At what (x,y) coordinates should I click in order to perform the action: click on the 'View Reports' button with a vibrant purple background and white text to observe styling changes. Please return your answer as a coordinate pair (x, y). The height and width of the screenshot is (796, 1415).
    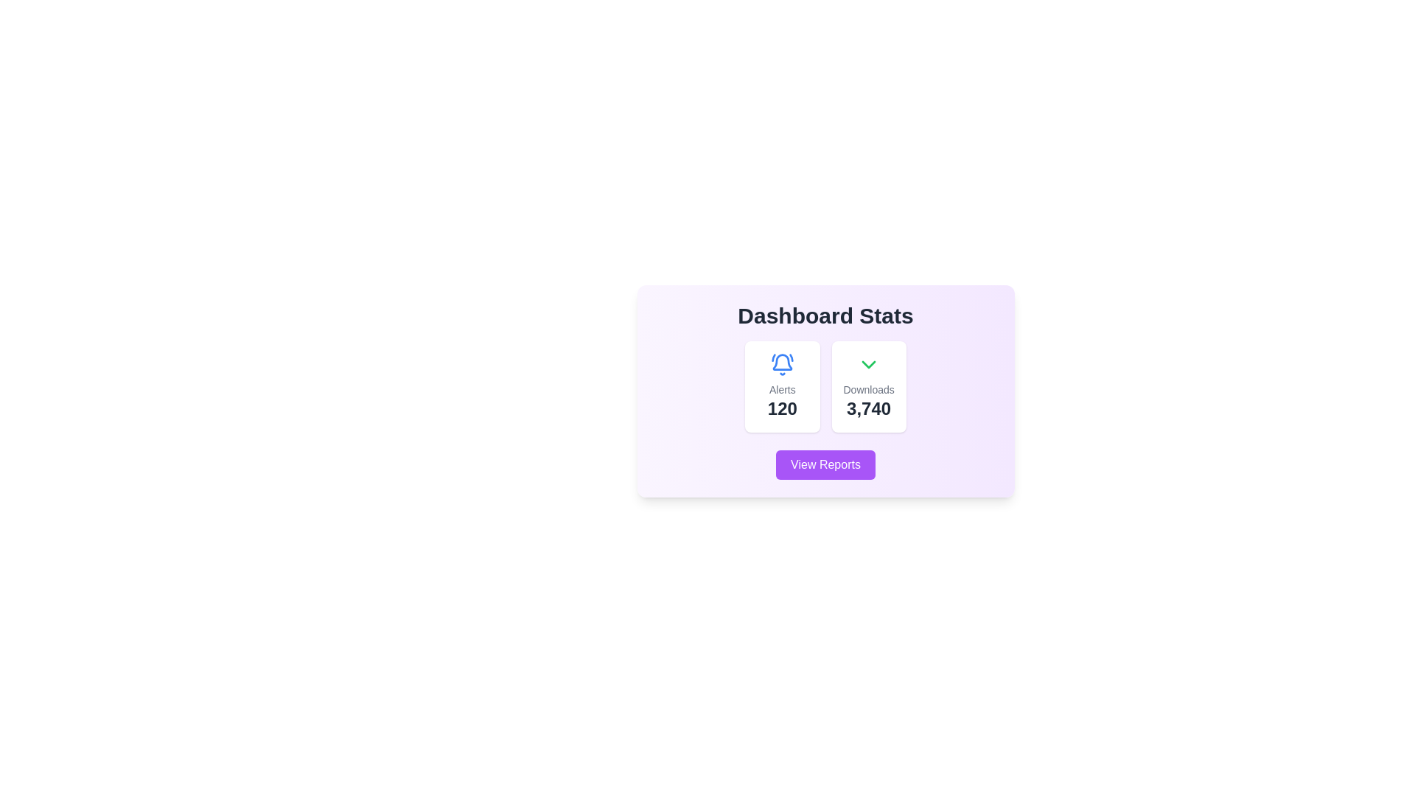
    Looking at the image, I should click on (825, 465).